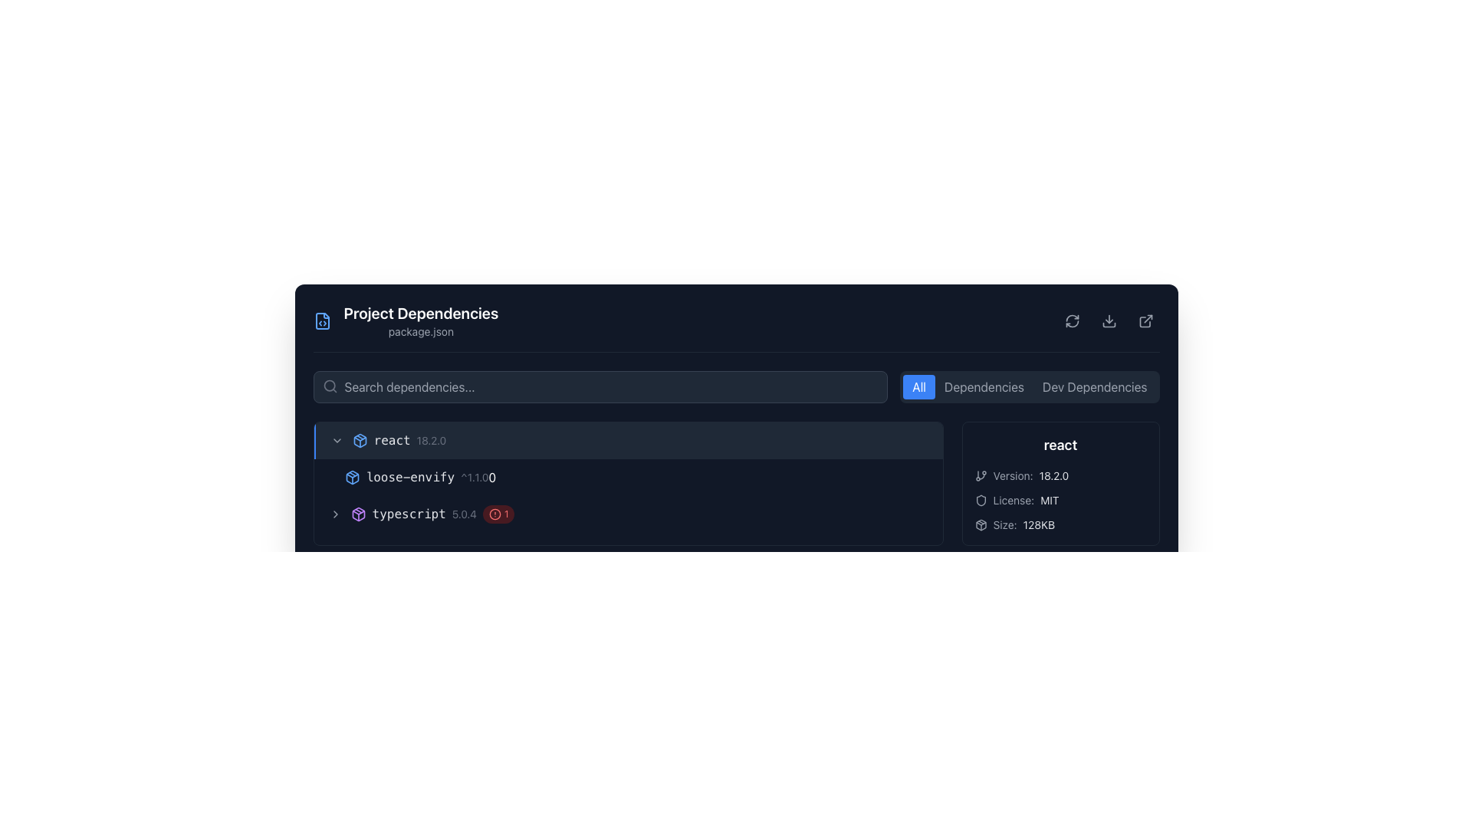  What do you see at coordinates (474, 477) in the screenshot?
I see `the informational Text label displaying the version number ('^1.1.0') related to the 'loose-envify' dependency, which is positioned in the second row of the dependencies list` at bounding box center [474, 477].